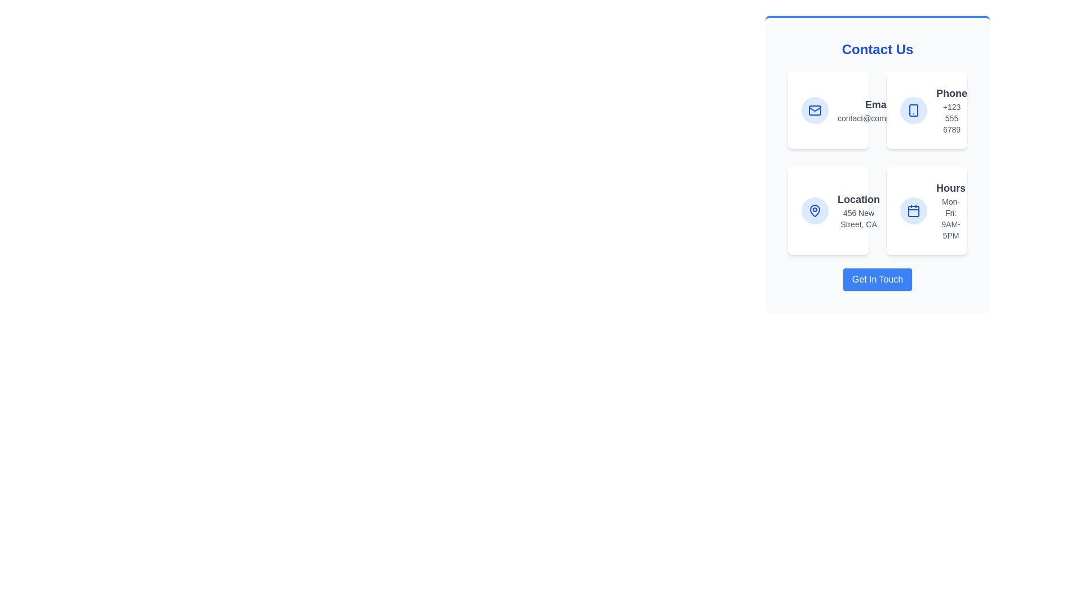 The height and width of the screenshot is (609, 1083). Describe the element at coordinates (914, 211) in the screenshot. I see `the 'Hours' icon located in the bottom right corner of the contact options grid, which visually represents the 'Hours' section` at that location.